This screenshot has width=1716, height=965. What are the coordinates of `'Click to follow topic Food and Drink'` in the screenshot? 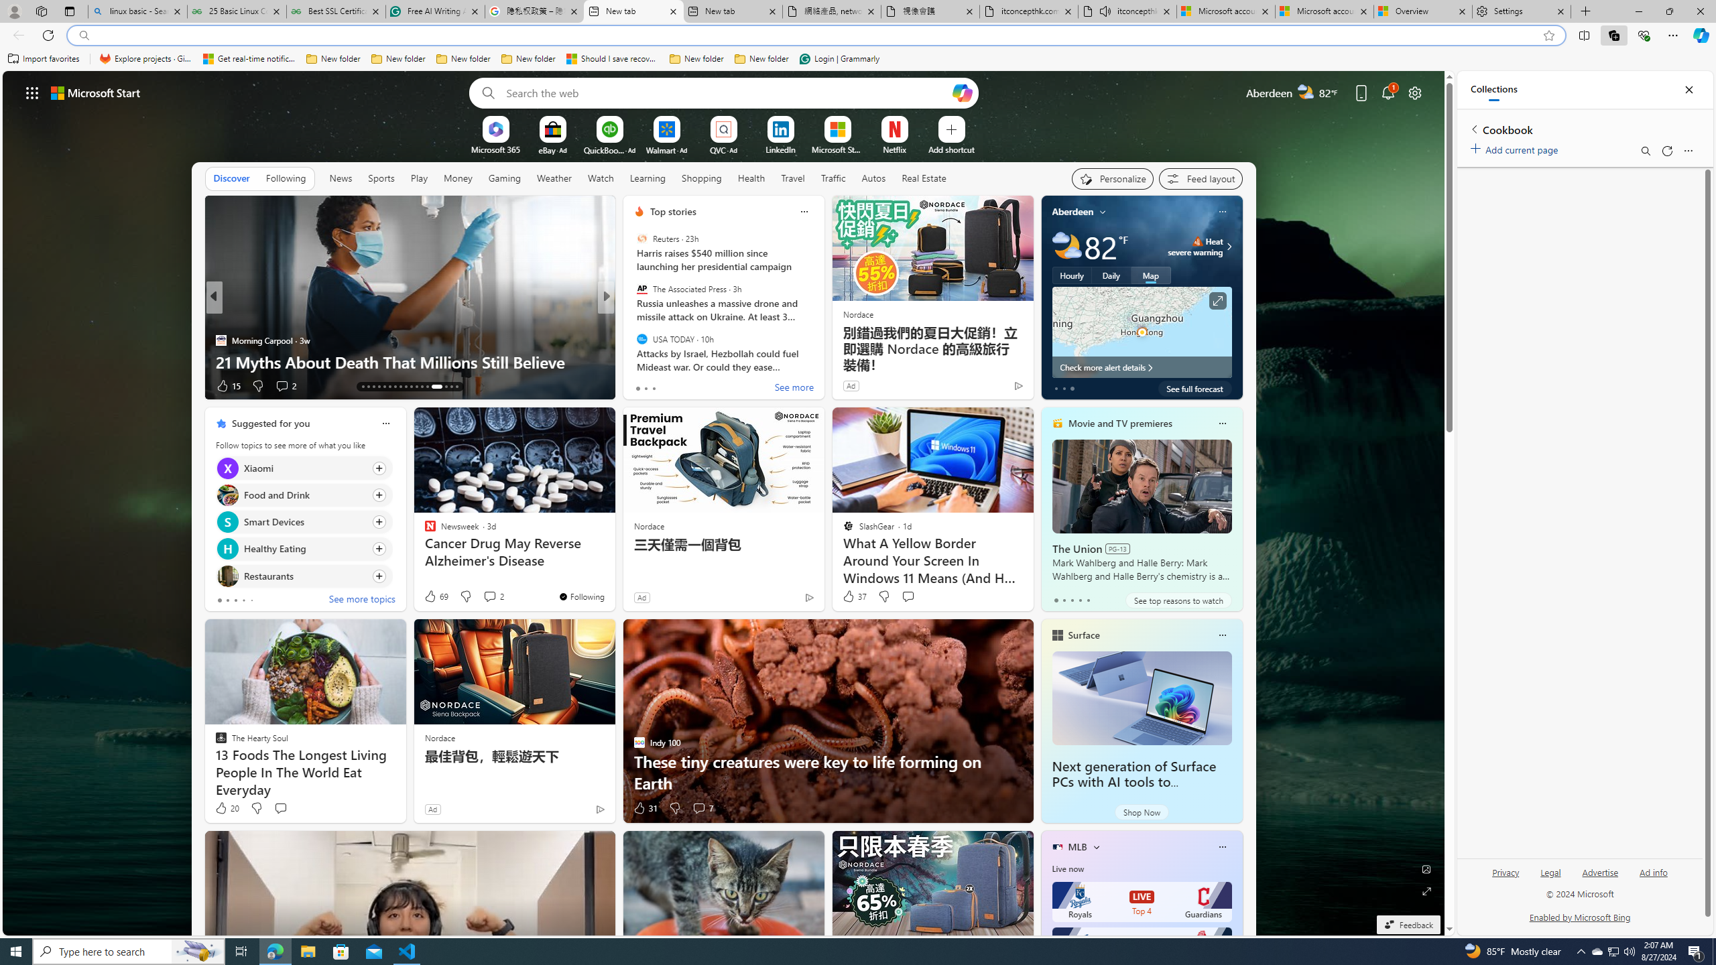 It's located at (303, 495).